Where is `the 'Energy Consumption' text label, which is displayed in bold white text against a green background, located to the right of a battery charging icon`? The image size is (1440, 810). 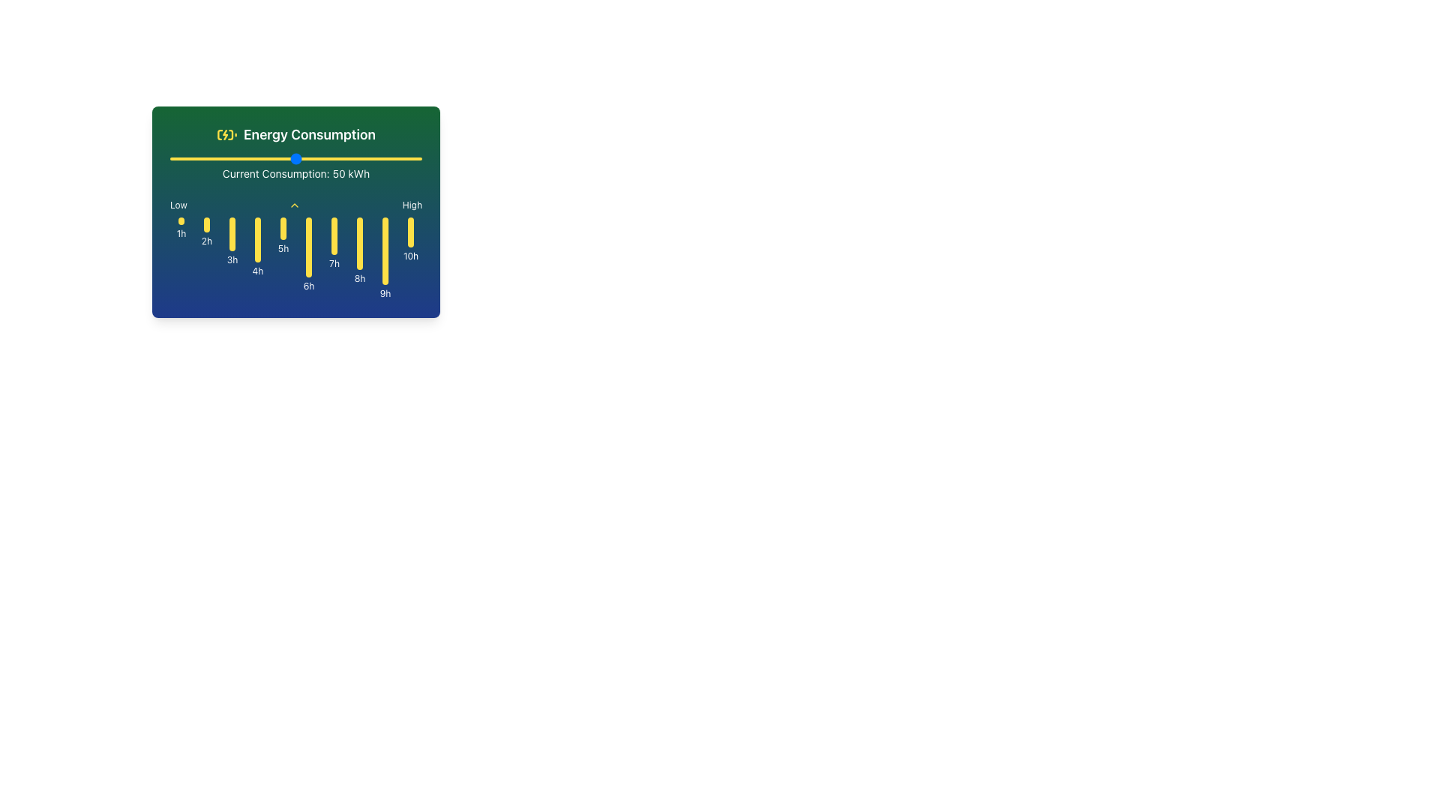
the 'Energy Consumption' text label, which is displayed in bold white text against a green background, located to the right of a battery charging icon is located at coordinates (308, 135).